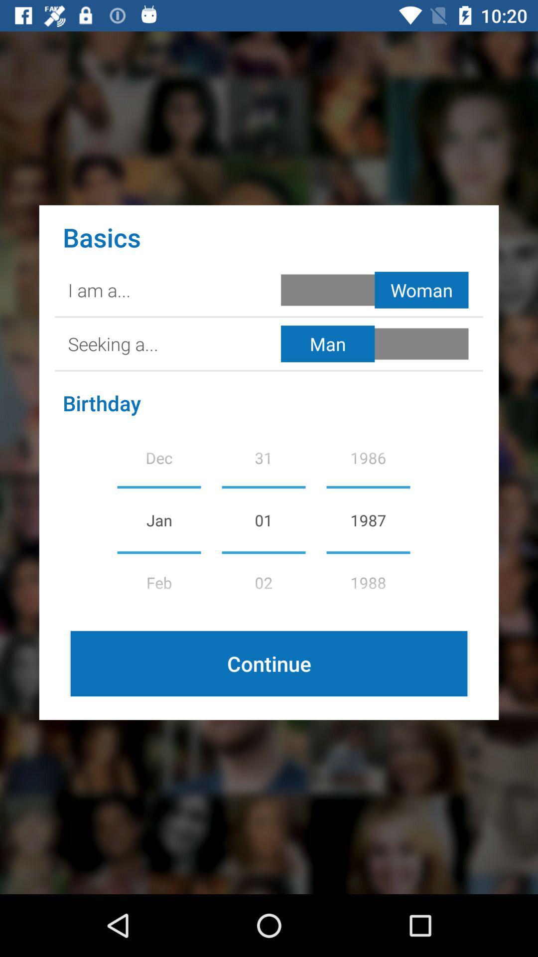  I want to click on gender menu, so click(377, 289).